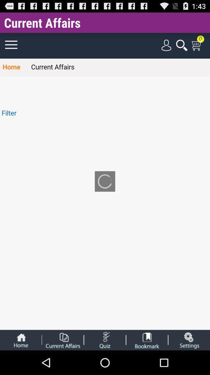 The height and width of the screenshot is (375, 210). What do you see at coordinates (62, 339) in the screenshot?
I see `aba para abrir assuntos atuais` at bounding box center [62, 339].